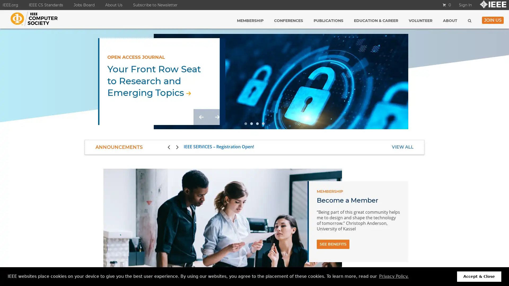 The image size is (509, 286). I want to click on About CS, so click(263, 123).